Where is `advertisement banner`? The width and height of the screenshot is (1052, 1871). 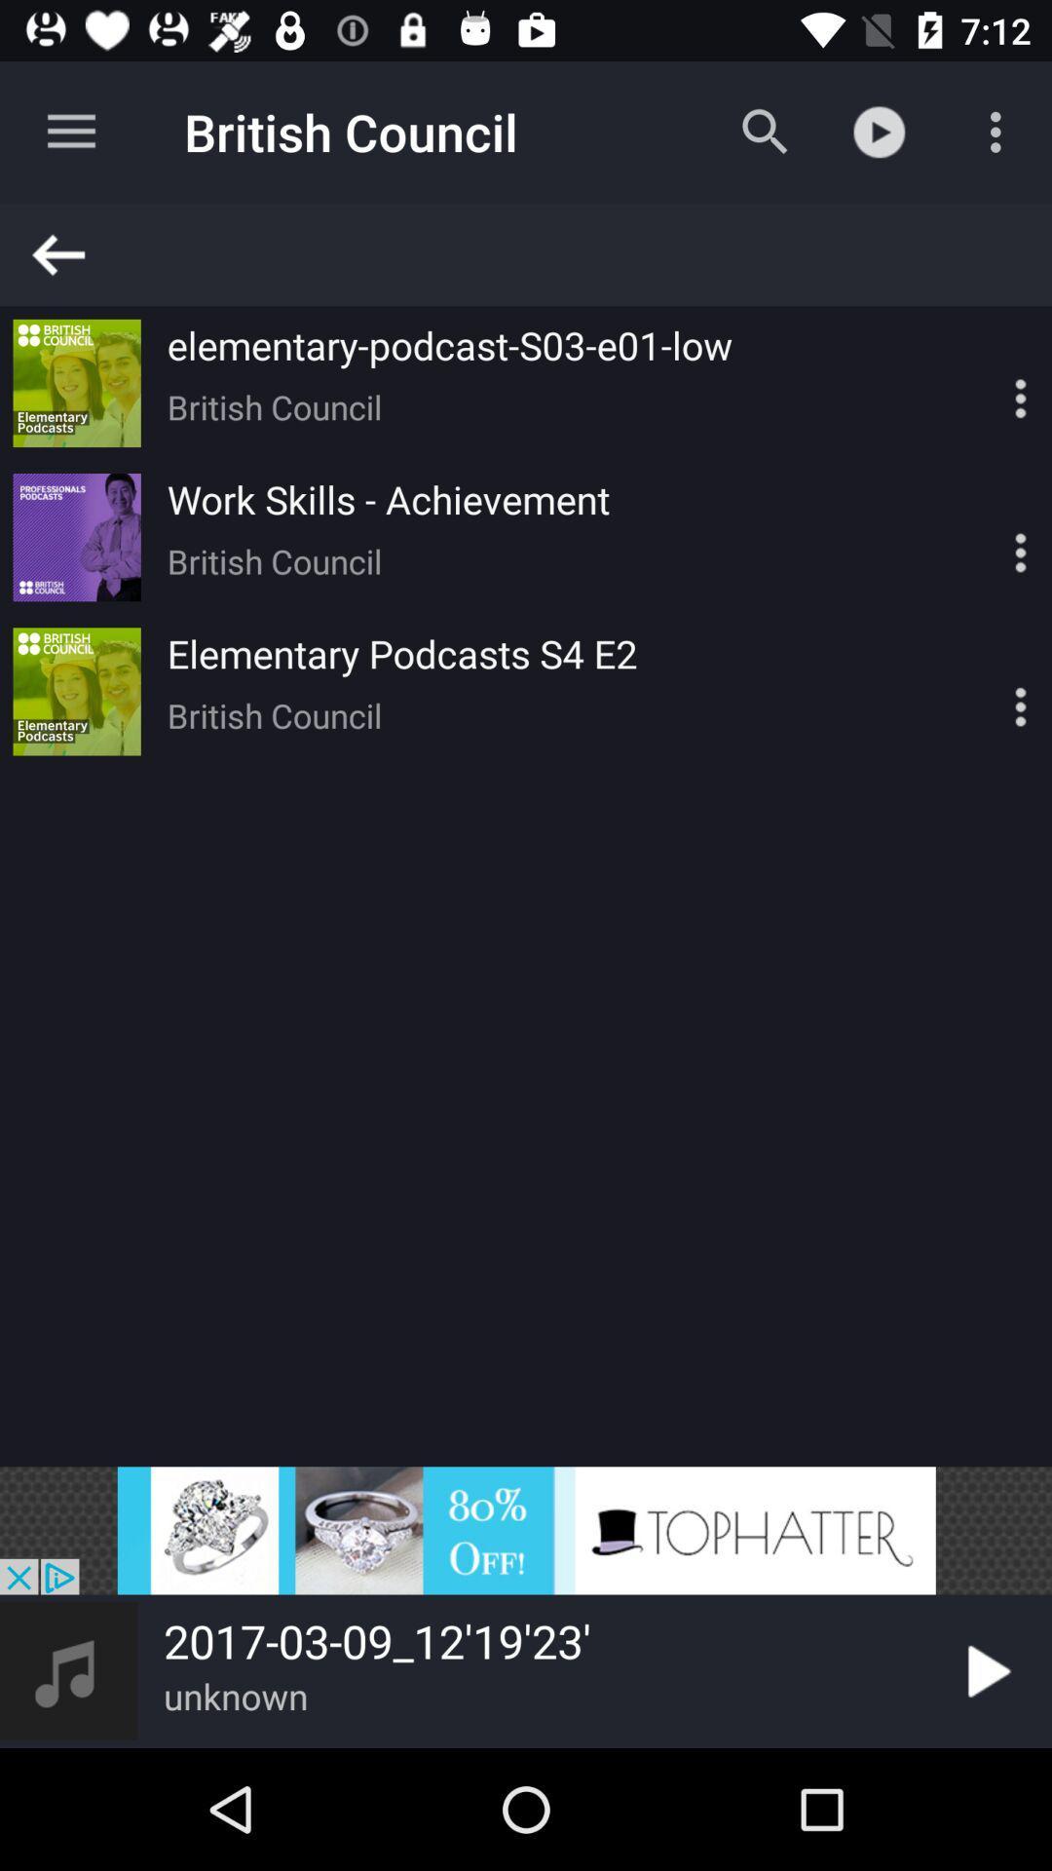
advertisement banner is located at coordinates (526, 1529).